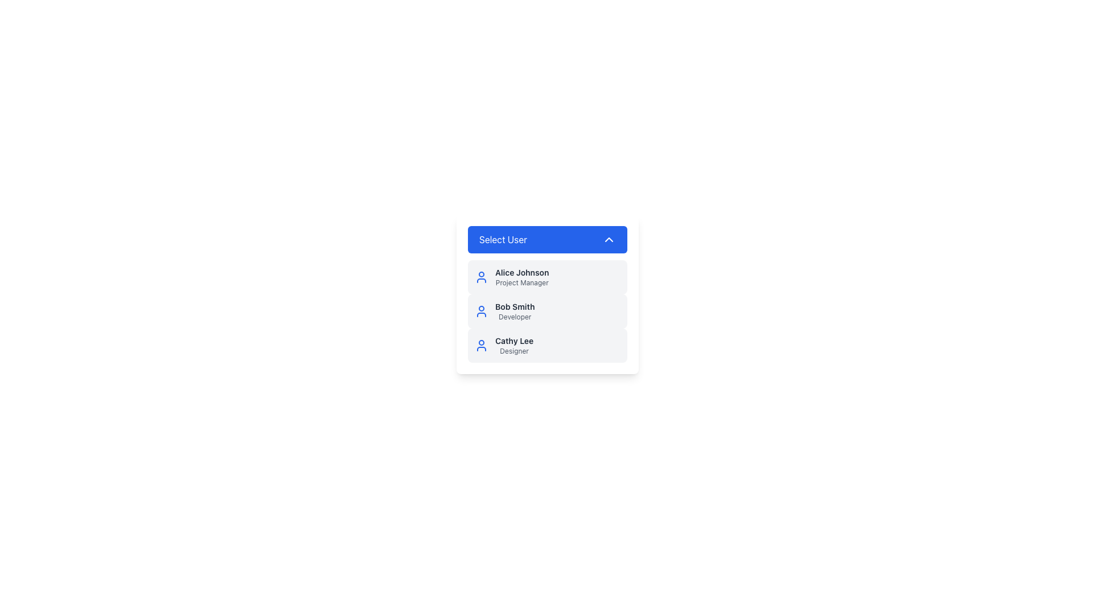 The width and height of the screenshot is (1093, 615). I want to click on the third list item in the 'Select User' dropdown, which features an avatar, the name 'Cathy Lee' in bold, and the subtitle 'Designer', so click(547, 345).